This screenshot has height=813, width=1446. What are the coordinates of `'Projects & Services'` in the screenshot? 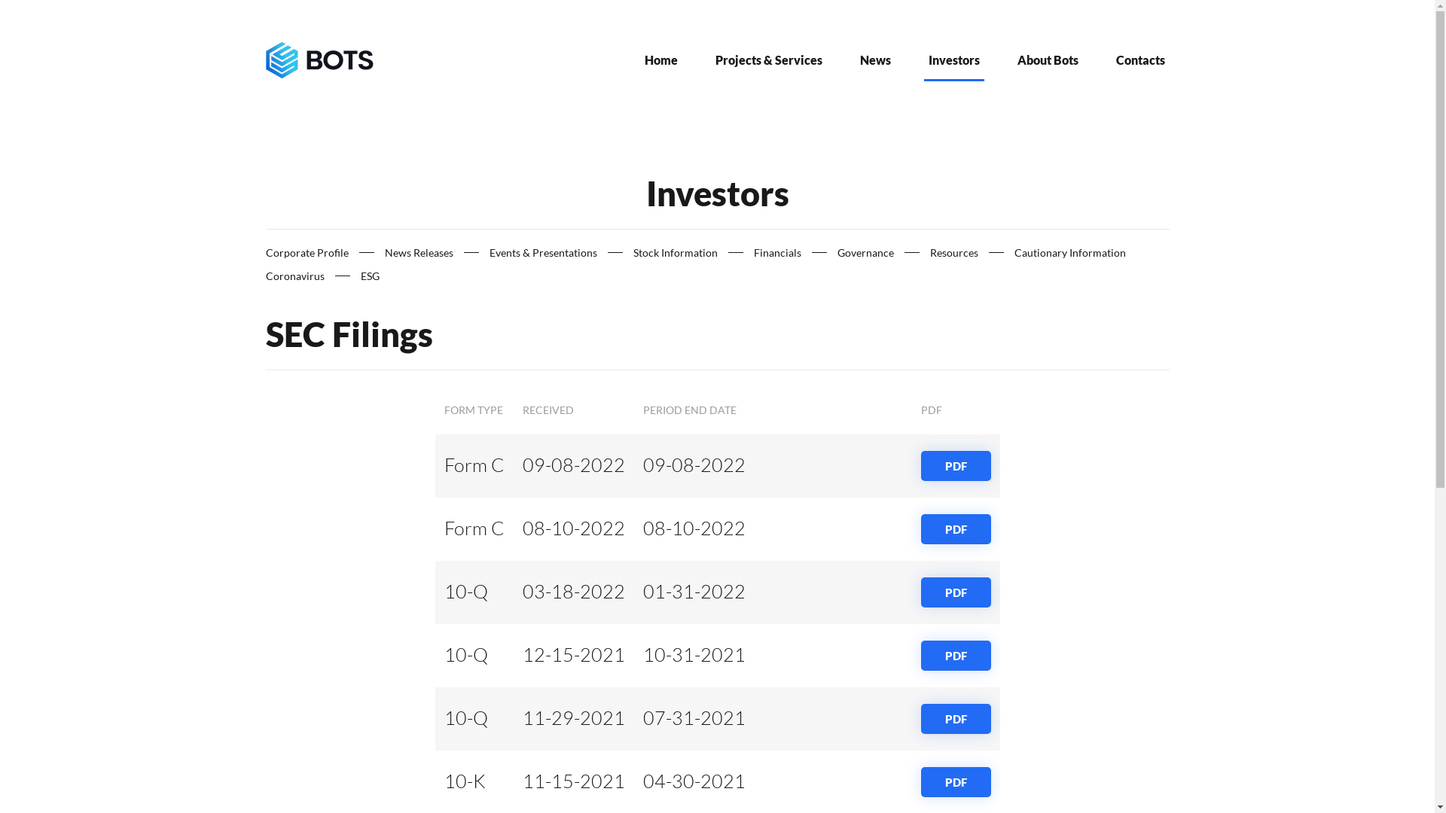 It's located at (710, 59).